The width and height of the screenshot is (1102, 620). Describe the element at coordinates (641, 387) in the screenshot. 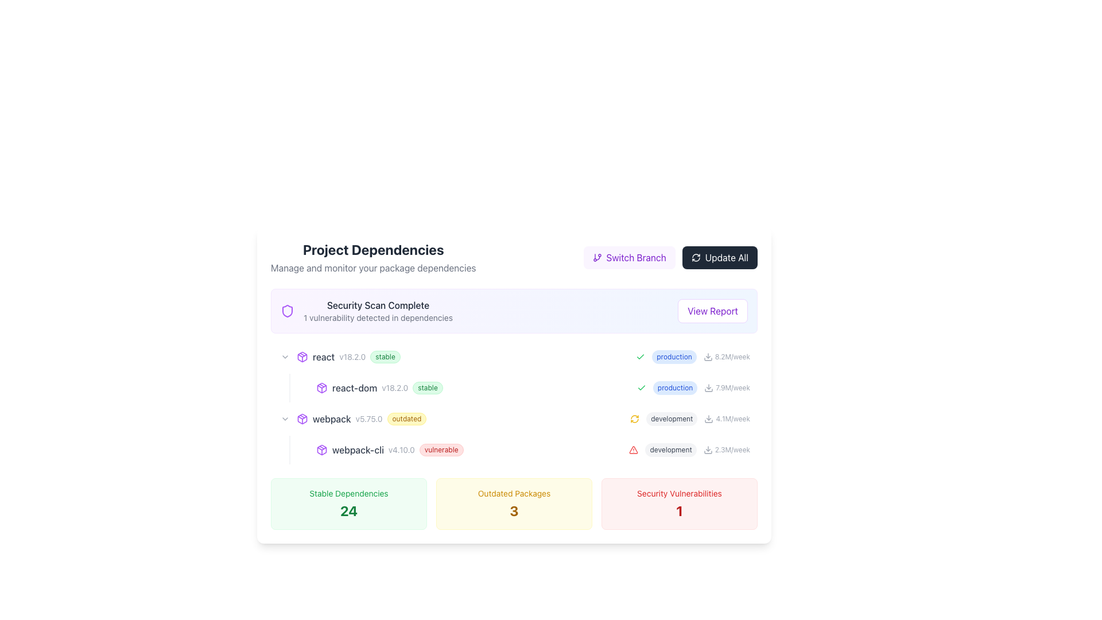

I see `the small green checkmark icon located to the left of the text 'production' in the row containing '7.9M/week'` at that location.